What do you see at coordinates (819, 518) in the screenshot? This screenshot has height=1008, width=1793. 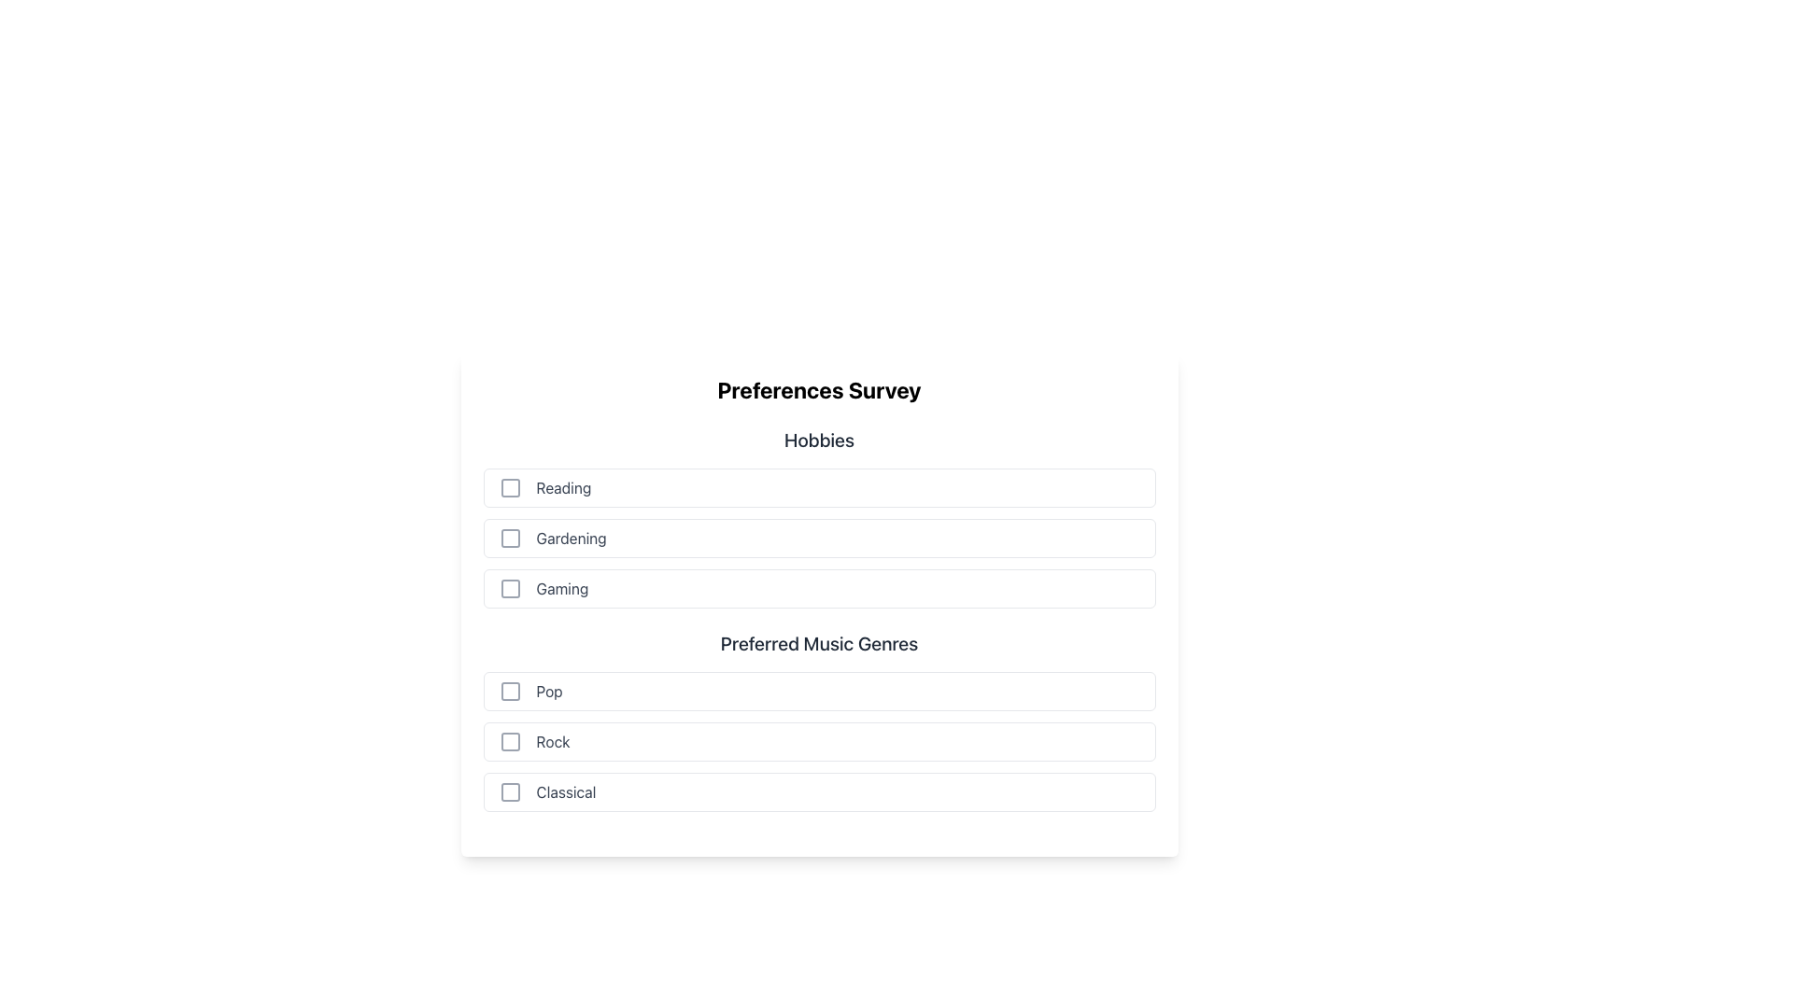 I see `the checkboxes in the 'Hobbies' section` at bounding box center [819, 518].